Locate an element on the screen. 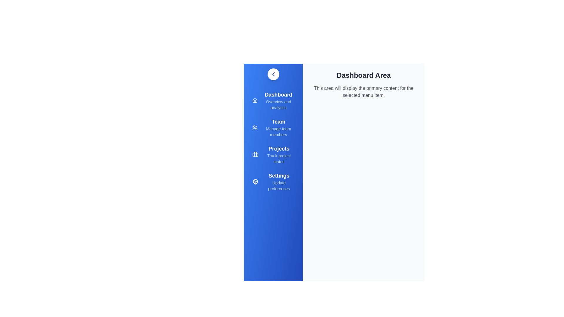 The width and height of the screenshot is (564, 317). the menu item Settings to see its hover effect is located at coordinates (273, 181).